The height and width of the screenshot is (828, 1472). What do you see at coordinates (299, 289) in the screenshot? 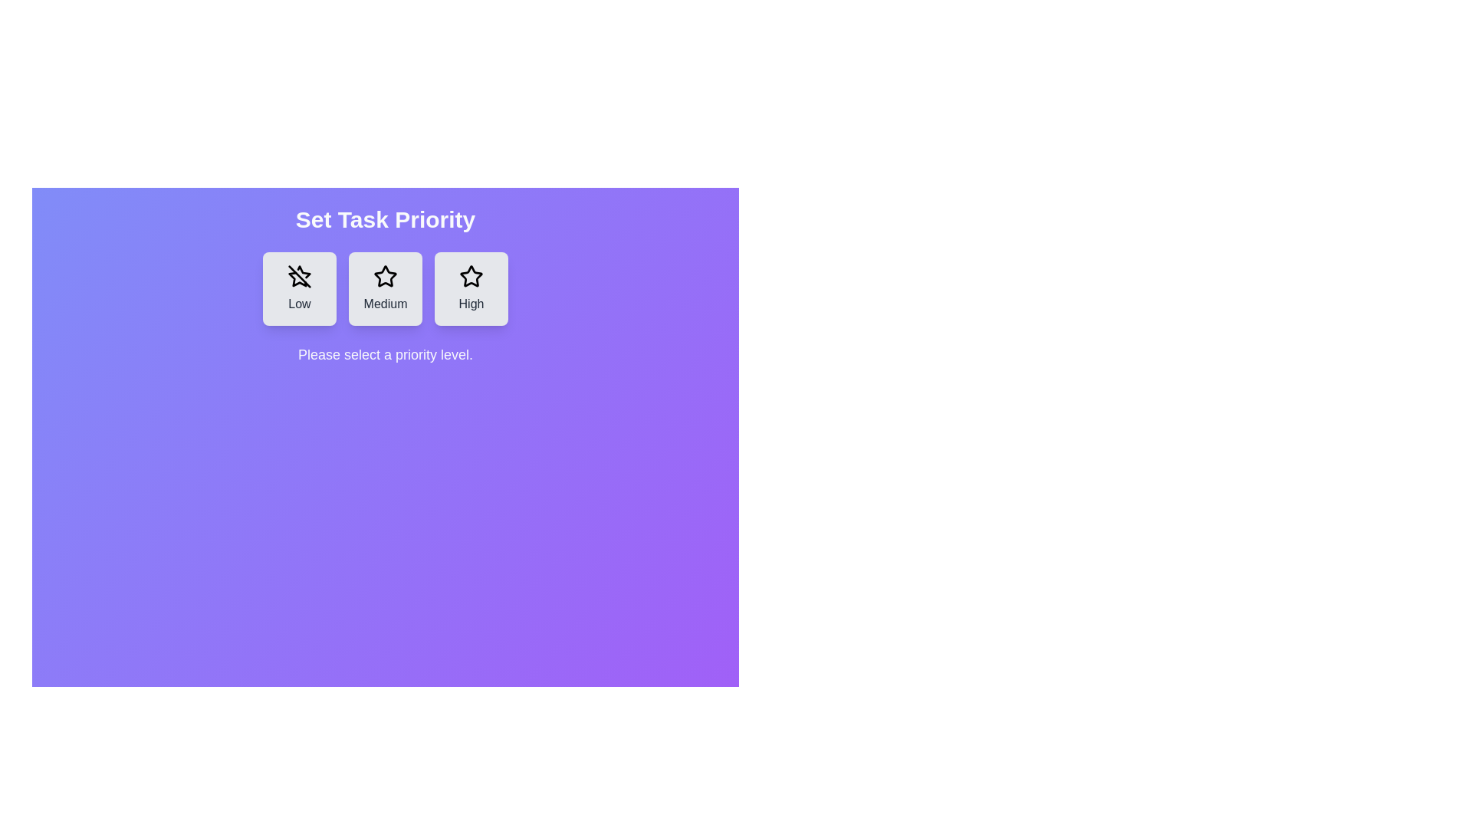
I see `the button corresponding to the priority level Low` at bounding box center [299, 289].